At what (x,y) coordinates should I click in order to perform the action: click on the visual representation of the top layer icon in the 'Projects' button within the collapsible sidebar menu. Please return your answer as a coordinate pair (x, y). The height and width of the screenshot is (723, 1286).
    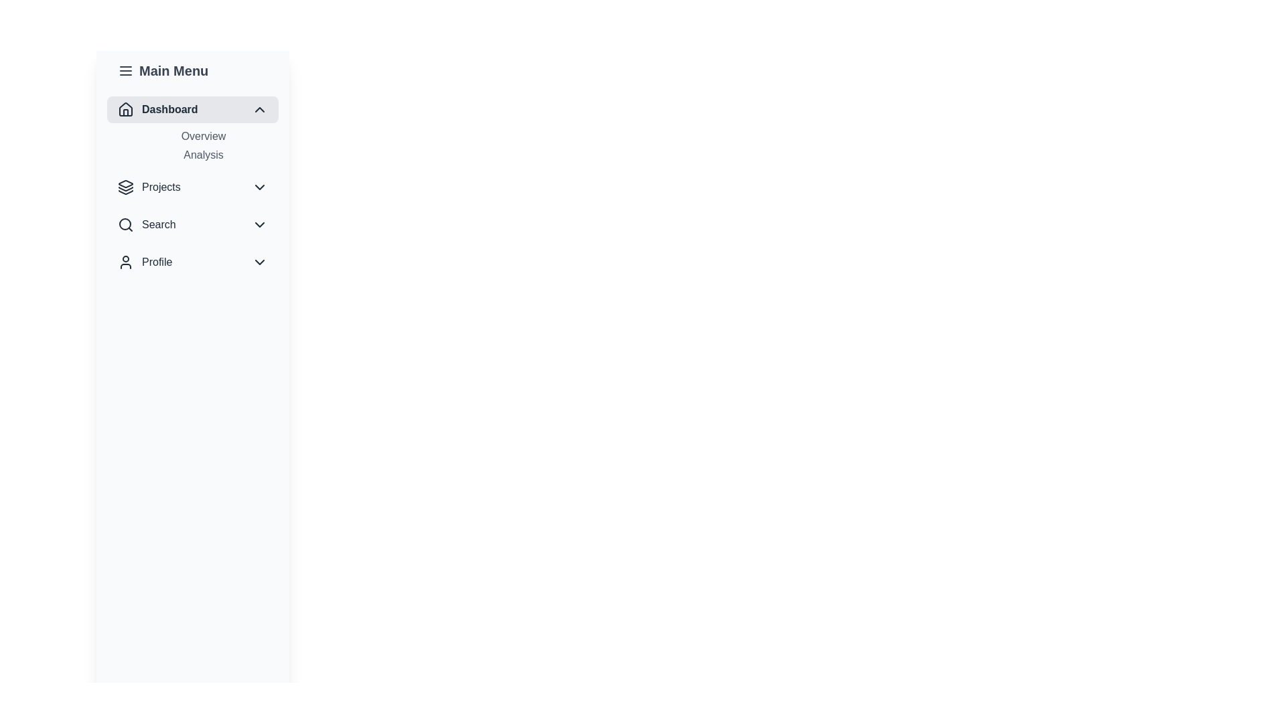
    Looking at the image, I should click on (125, 183).